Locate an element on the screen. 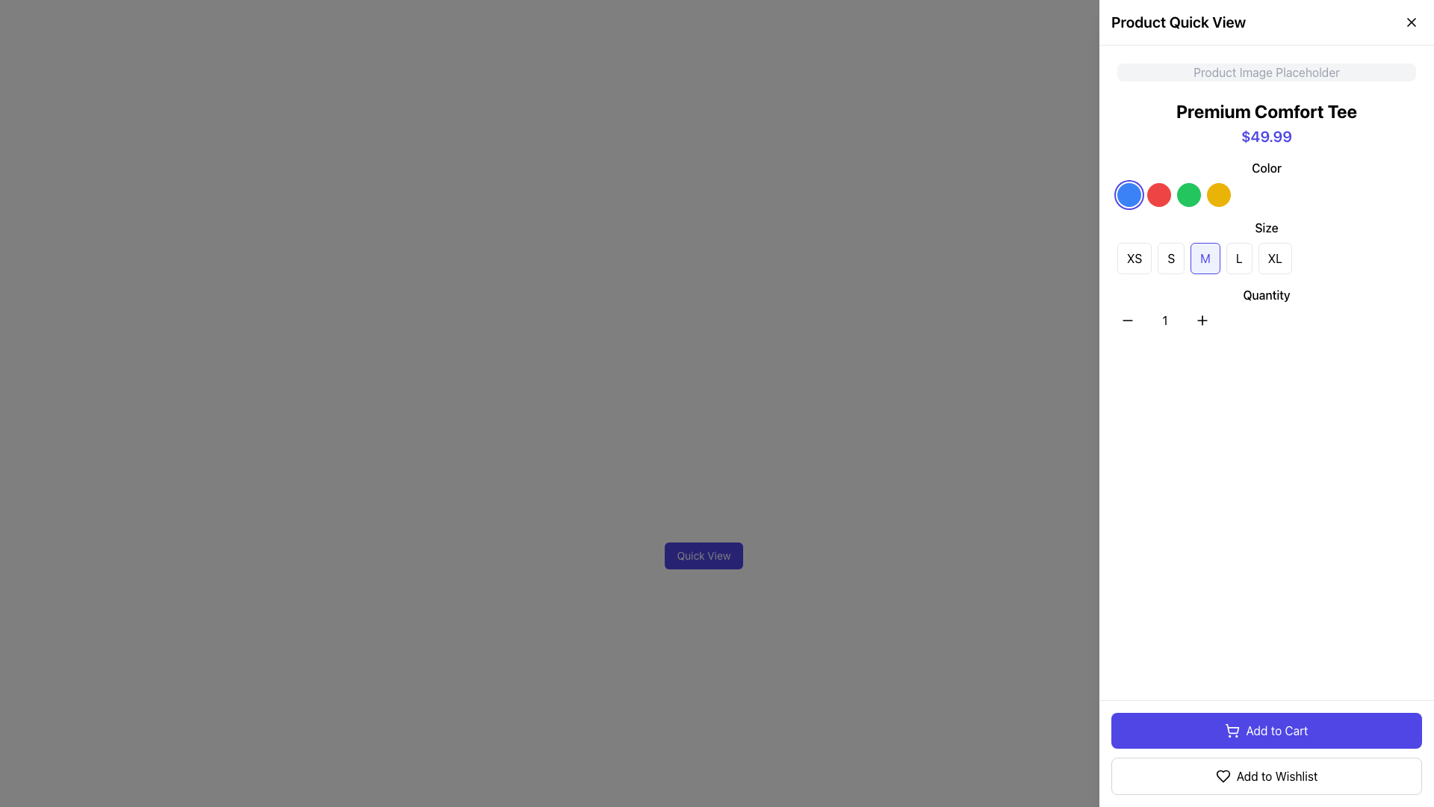  the fourth interactive button labeled 'XL' in the size selection module is located at coordinates (1265, 258).